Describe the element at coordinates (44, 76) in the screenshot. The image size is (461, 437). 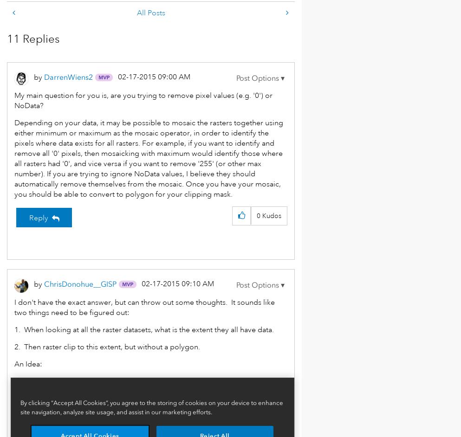
I see `'DarrenWiens2'` at that location.